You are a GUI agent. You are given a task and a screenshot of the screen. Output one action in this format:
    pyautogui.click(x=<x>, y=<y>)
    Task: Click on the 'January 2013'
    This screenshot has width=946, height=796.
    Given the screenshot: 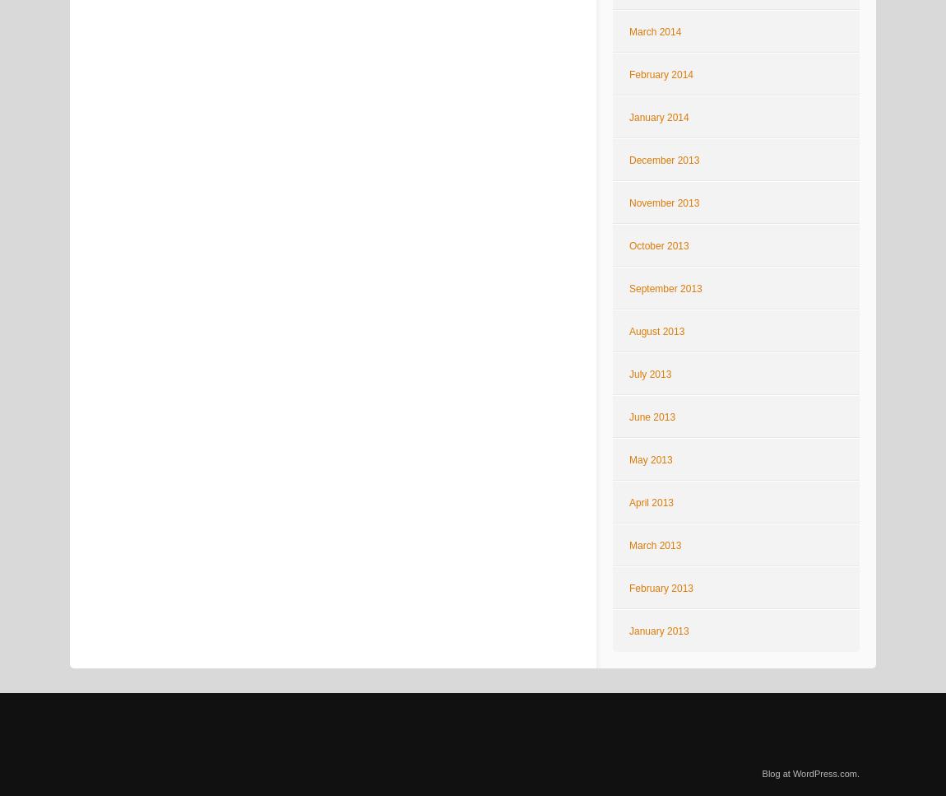 What is the action you would take?
    pyautogui.click(x=657, y=631)
    